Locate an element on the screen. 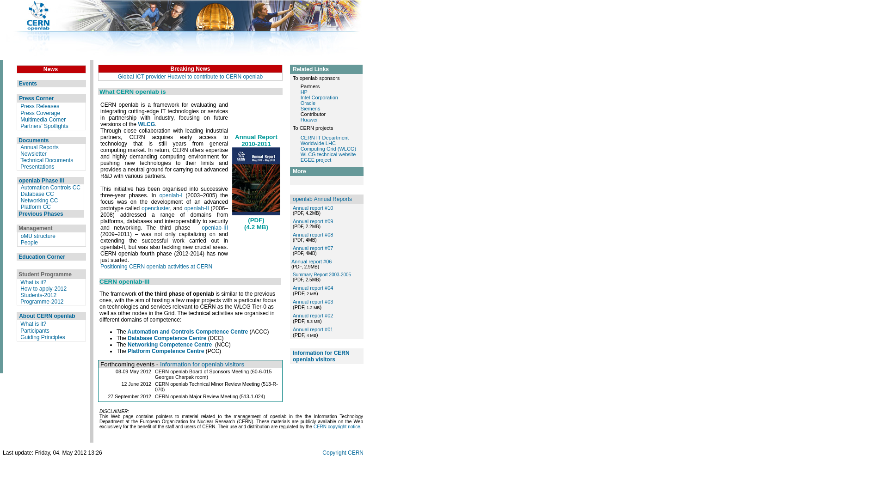 Image resolution: width=888 pixels, height=499 pixels. 'opencluster' is located at coordinates (155, 208).